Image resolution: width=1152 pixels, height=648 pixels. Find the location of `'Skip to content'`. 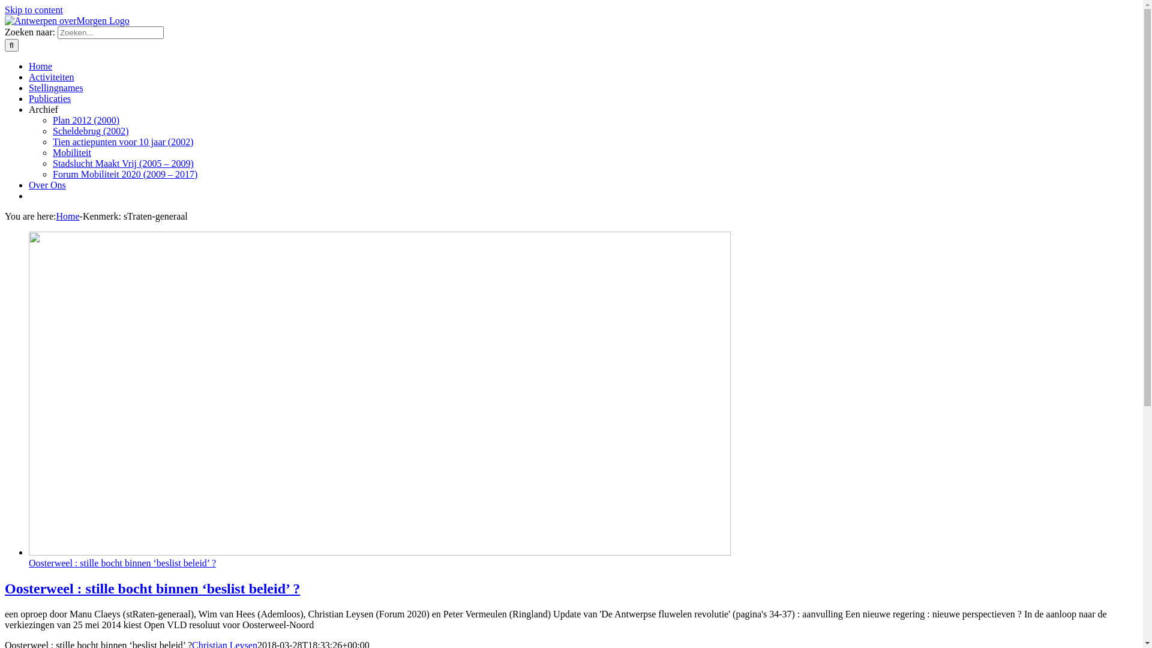

'Skip to content' is located at coordinates (34, 10).